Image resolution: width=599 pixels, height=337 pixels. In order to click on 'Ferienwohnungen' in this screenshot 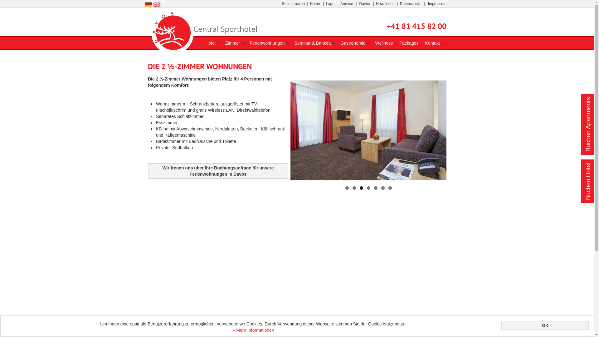, I will do `click(267, 43)`.